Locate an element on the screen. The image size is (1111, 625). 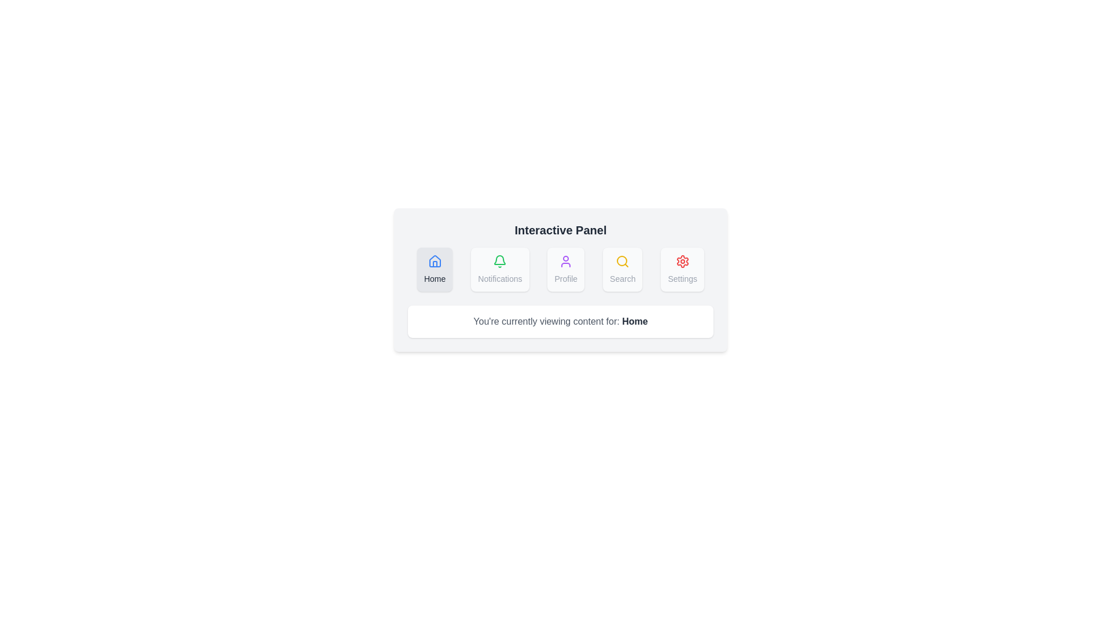
the 'Home' icon located in the top-left of the 'Interactive Panel' is located at coordinates (434, 261).